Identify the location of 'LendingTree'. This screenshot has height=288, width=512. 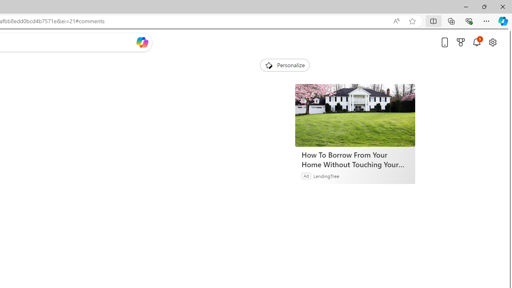
(326, 175).